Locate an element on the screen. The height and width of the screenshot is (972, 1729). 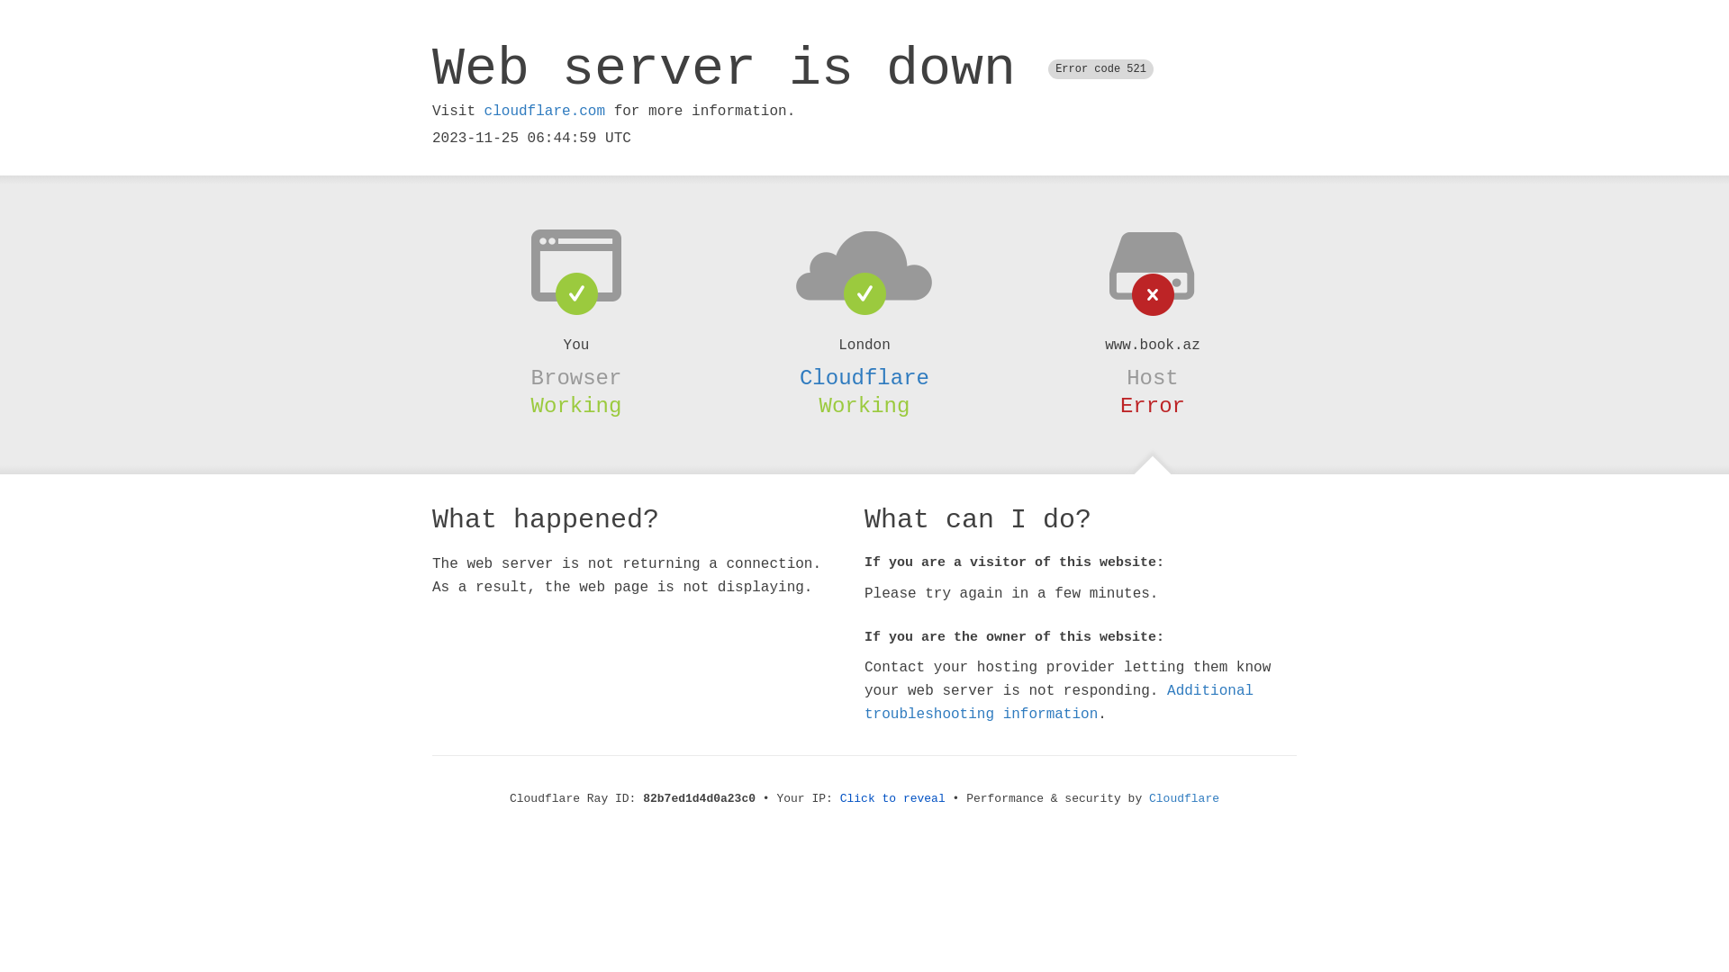
'Cloudflare' is located at coordinates (1184, 797).